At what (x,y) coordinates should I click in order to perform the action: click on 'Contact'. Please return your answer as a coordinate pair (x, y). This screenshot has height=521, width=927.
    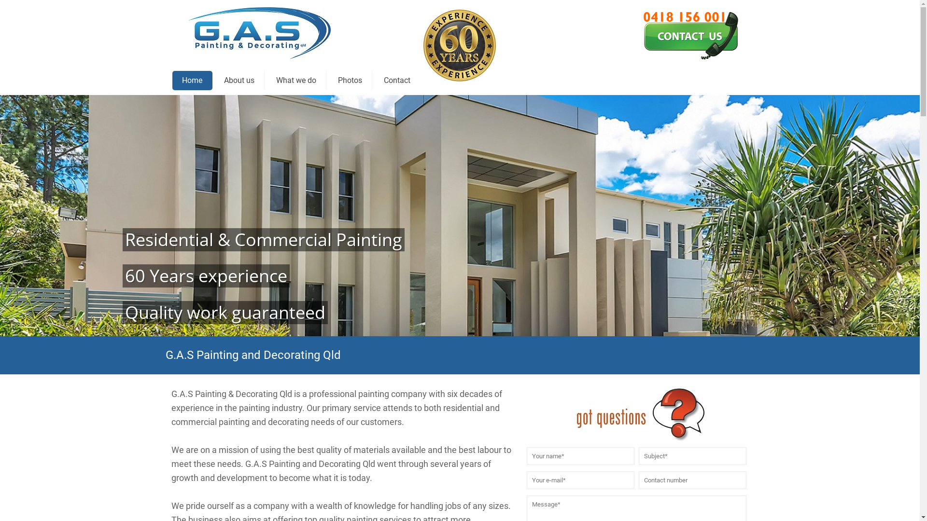
    Looking at the image, I should click on (373, 80).